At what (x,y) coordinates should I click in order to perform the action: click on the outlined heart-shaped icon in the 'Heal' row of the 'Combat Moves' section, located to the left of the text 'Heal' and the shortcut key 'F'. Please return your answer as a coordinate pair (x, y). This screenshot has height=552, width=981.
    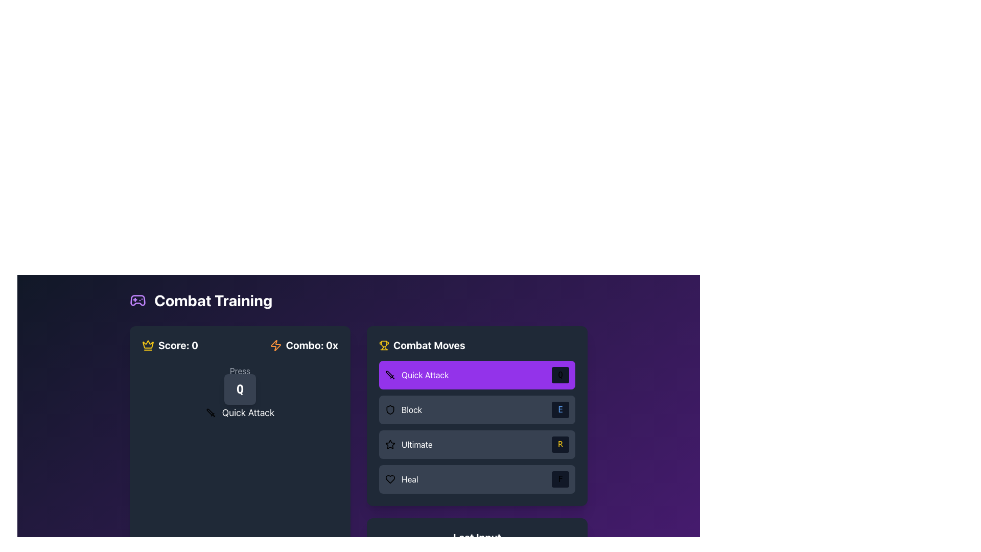
    Looking at the image, I should click on (389, 479).